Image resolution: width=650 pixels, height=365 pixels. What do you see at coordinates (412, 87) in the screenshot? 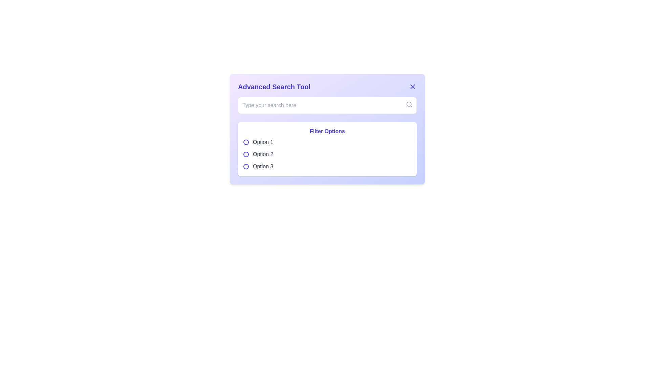
I see `the small blue 'X' icon button located in the top-right corner of the 'Advanced Search Tool' interface` at bounding box center [412, 87].